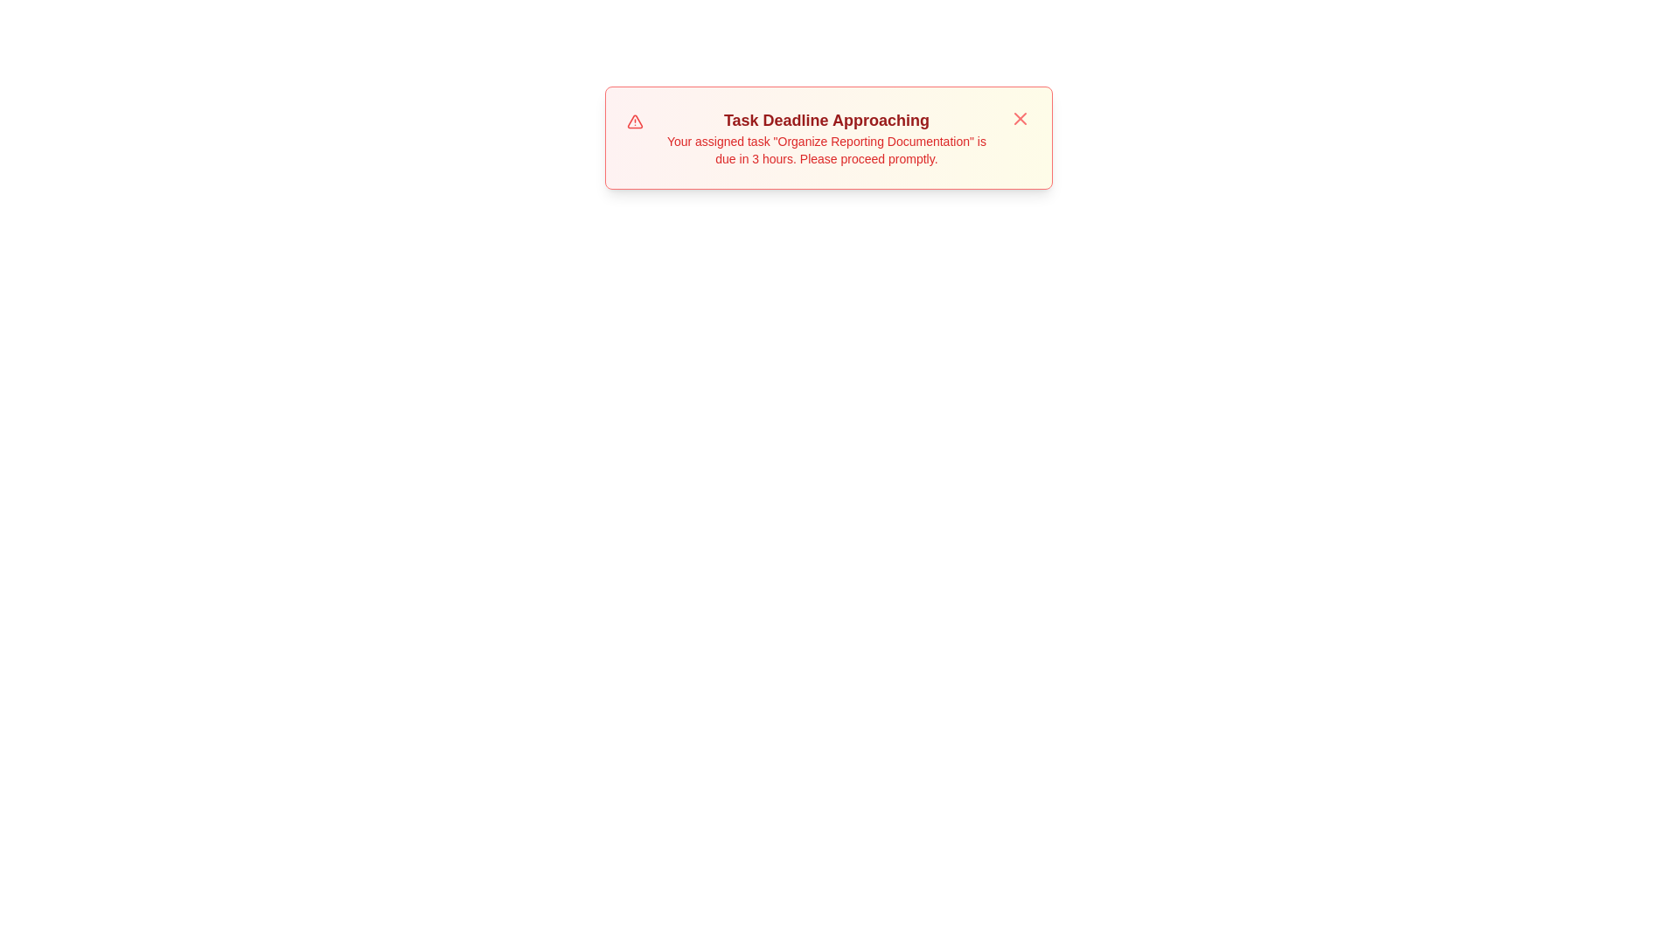 Image resolution: width=1679 pixels, height=944 pixels. What do you see at coordinates (634, 121) in the screenshot?
I see `the red outlined triangular warning icon with a red alert symbol, positioned next to the 'Task Deadline Approaching' heading` at bounding box center [634, 121].